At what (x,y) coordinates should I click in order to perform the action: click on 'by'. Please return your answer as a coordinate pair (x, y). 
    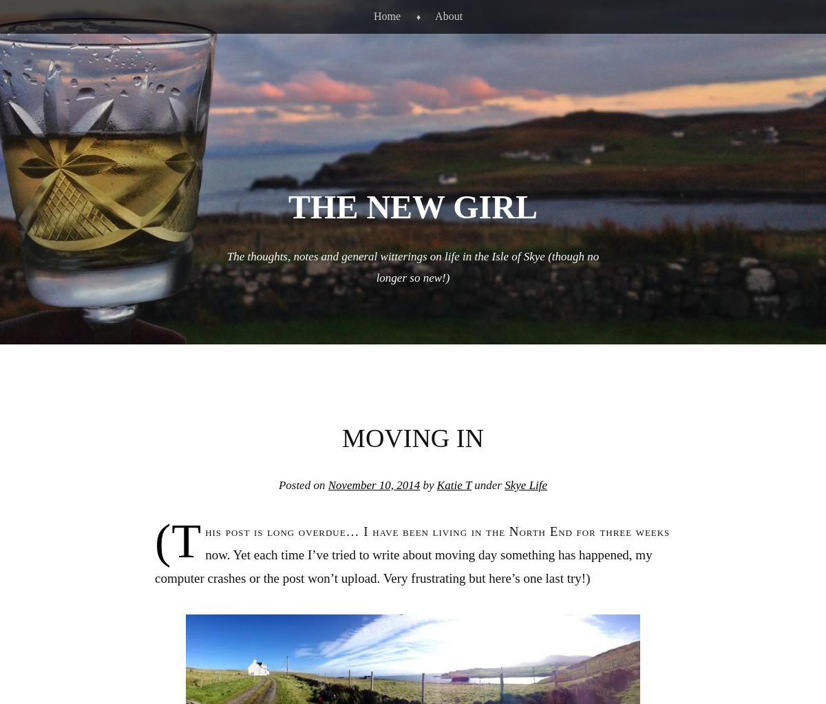
    Looking at the image, I should click on (419, 484).